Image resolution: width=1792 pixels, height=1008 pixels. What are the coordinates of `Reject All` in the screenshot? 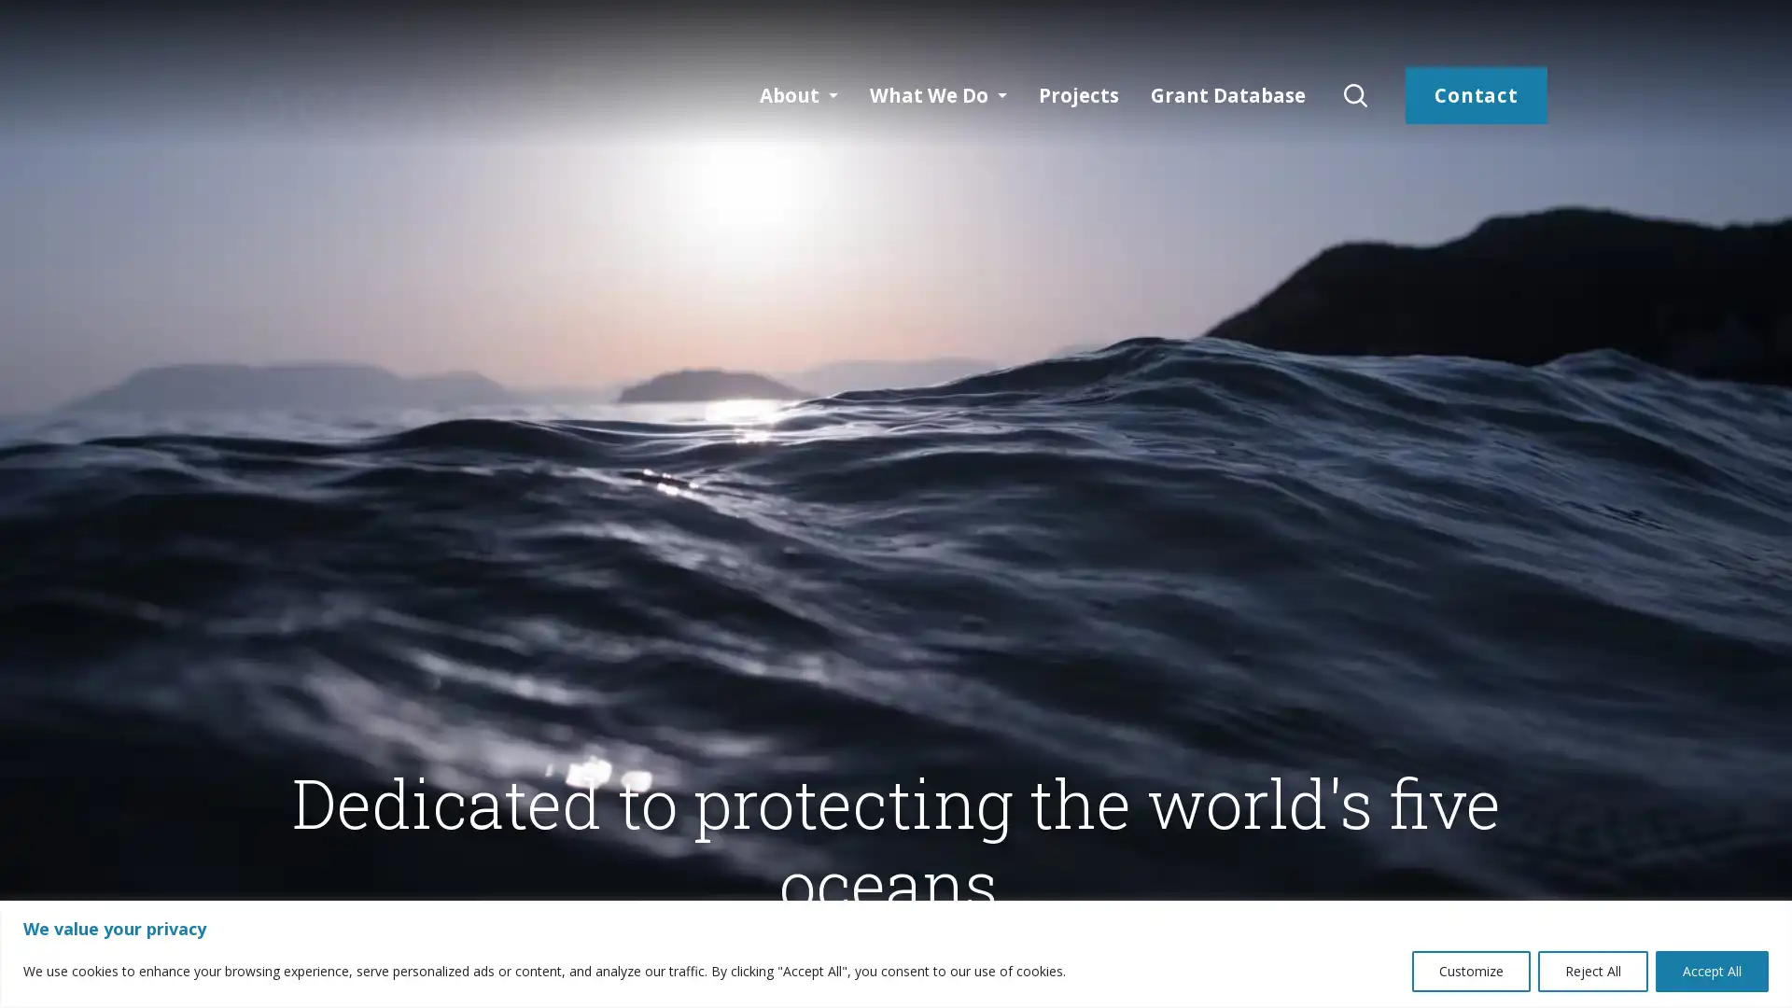 It's located at (1592, 970).